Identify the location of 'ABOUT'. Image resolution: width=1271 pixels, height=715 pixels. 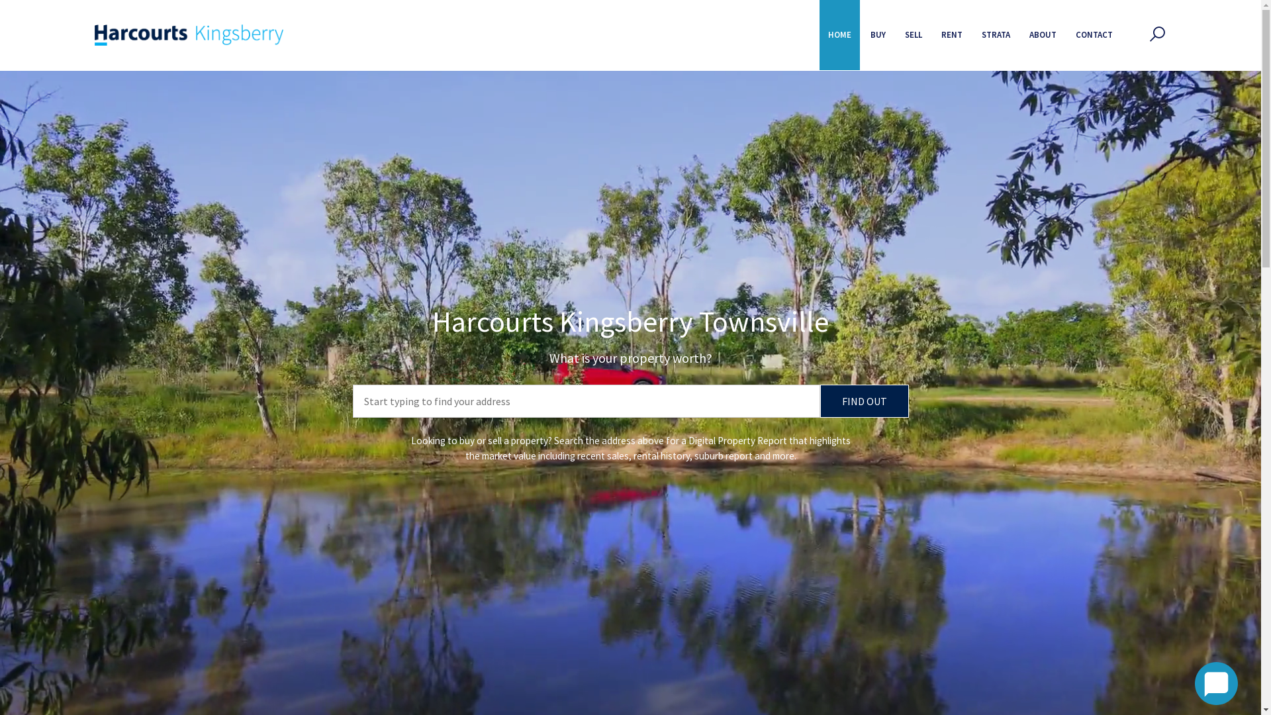
(1042, 34).